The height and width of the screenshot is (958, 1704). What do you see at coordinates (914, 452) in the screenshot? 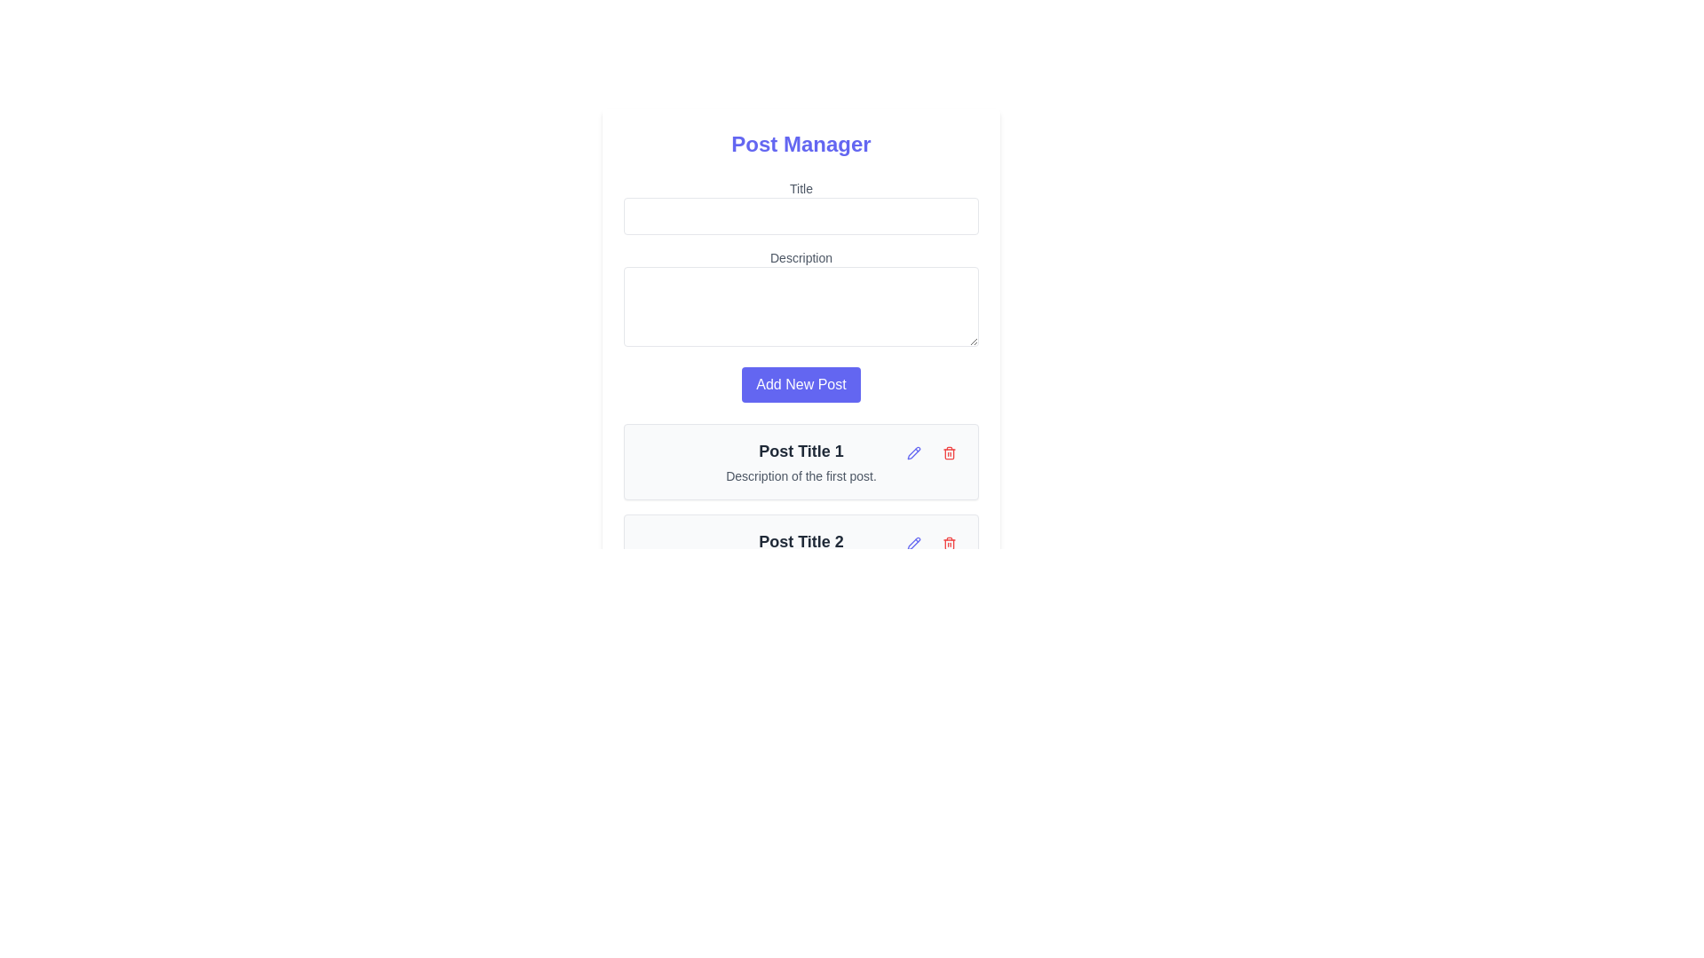
I see `the edit button located in the top-right corner of the first post to initiate editing` at bounding box center [914, 452].